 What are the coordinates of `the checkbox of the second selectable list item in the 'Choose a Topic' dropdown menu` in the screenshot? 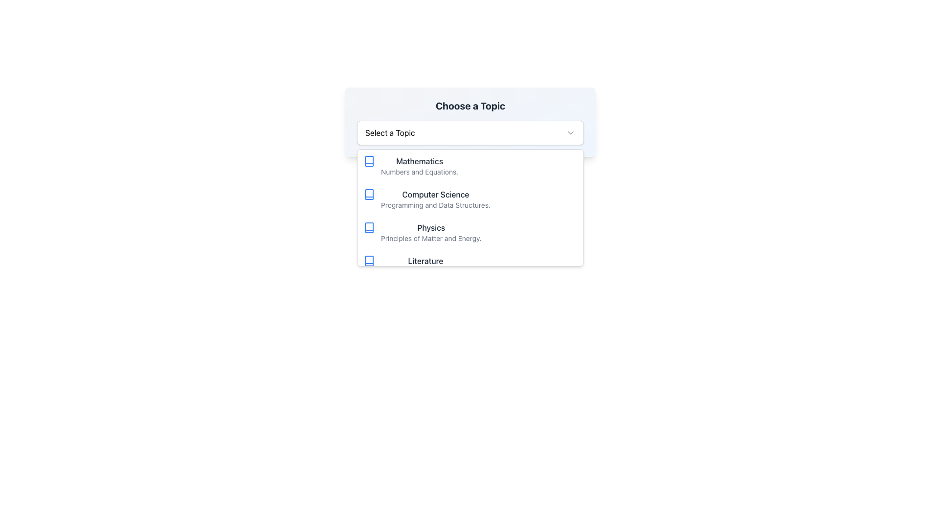 It's located at (470, 199).